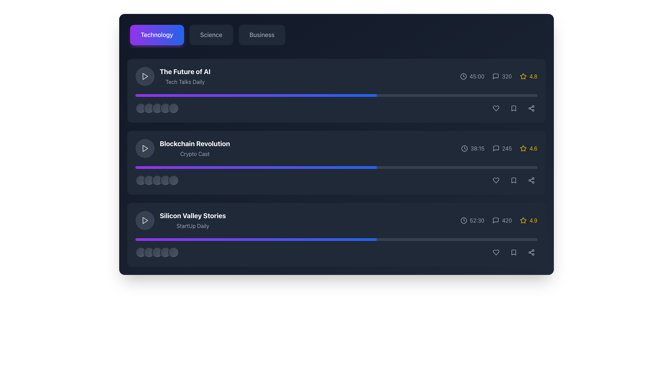 The width and height of the screenshot is (652, 367). Describe the element at coordinates (140, 180) in the screenshot. I see `the first circular decorative element associated with the 'Blockchain Revolution' section located at the bottom left corner of the card` at that location.